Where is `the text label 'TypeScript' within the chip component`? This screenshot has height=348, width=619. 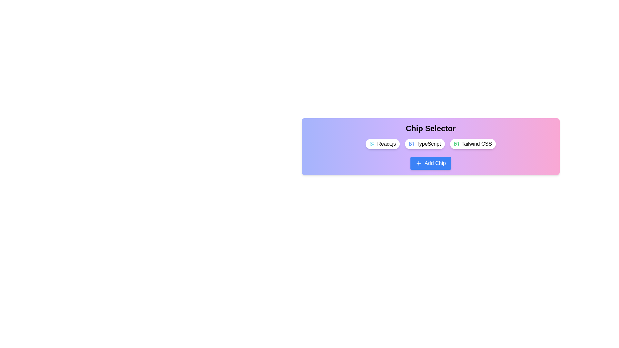 the text label 'TypeScript' within the chip component is located at coordinates (428, 144).